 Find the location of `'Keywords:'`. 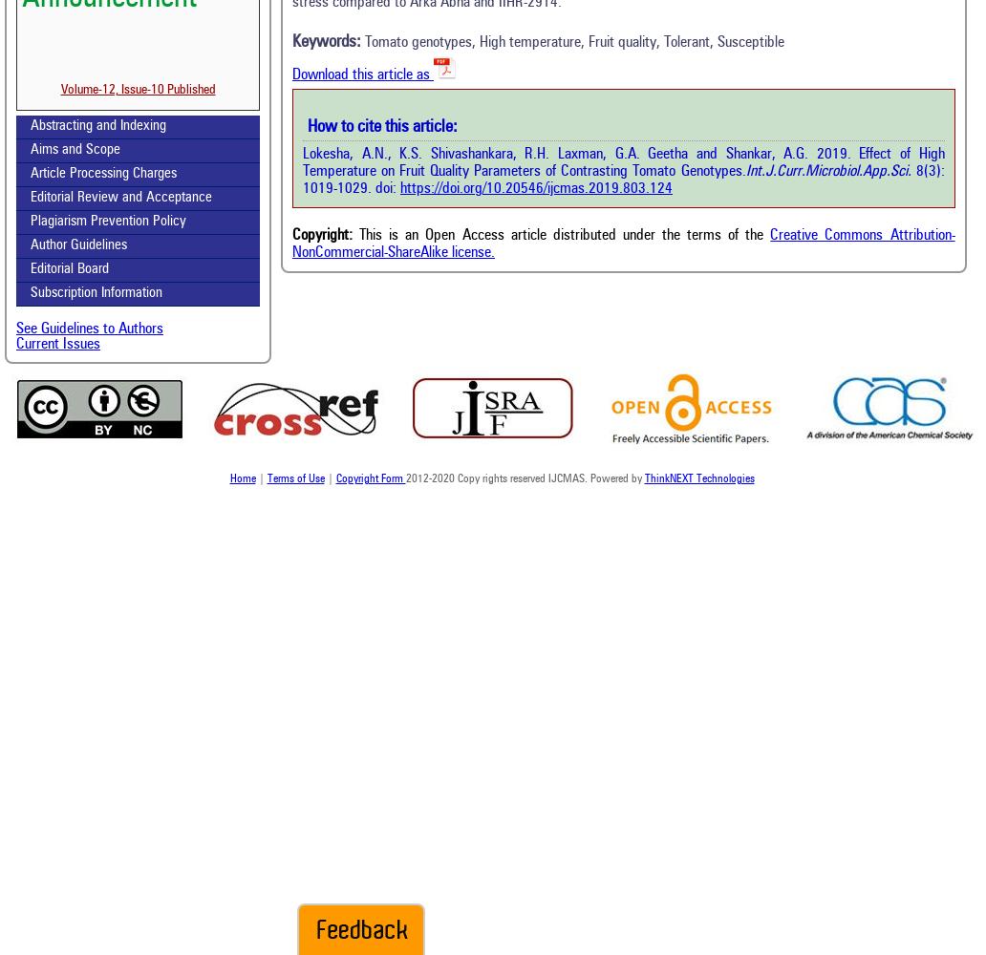

'Keywords:' is located at coordinates (291, 41).